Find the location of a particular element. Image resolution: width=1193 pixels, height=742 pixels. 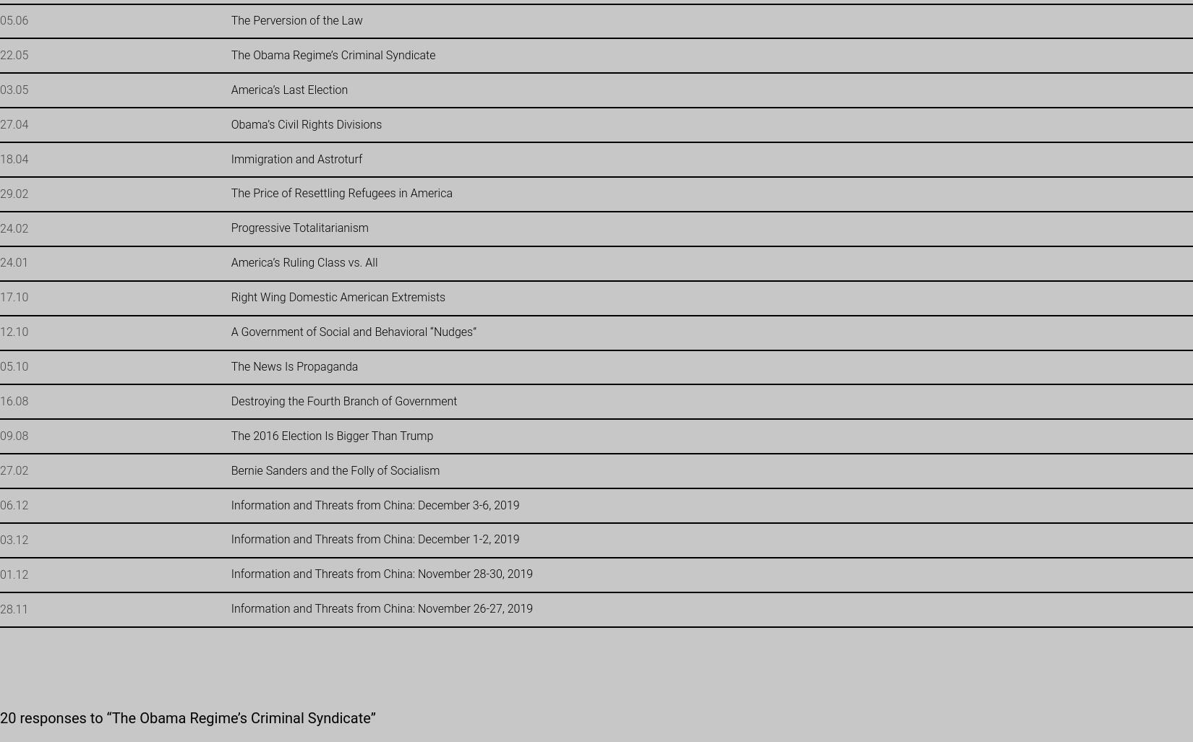

'Information and Threats from China: December 1-2, 2019' is located at coordinates (374, 538).